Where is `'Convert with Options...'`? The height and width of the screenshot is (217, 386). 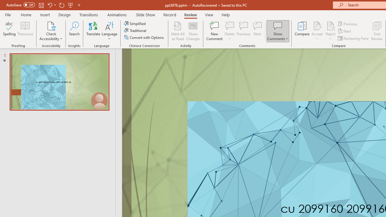
'Convert with Options...' is located at coordinates (144, 37).